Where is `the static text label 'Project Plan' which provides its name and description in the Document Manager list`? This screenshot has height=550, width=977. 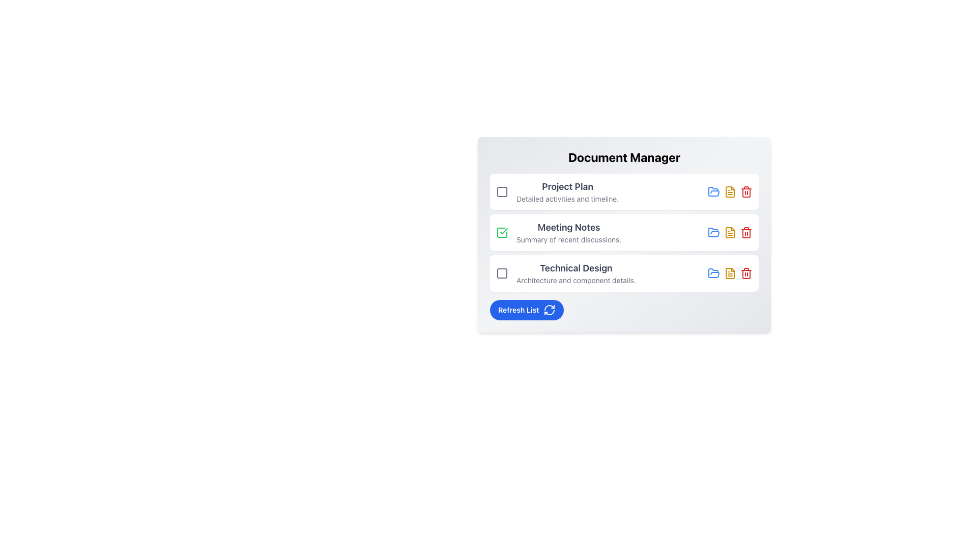 the static text label 'Project Plan' which provides its name and description in the Document Manager list is located at coordinates (567, 192).